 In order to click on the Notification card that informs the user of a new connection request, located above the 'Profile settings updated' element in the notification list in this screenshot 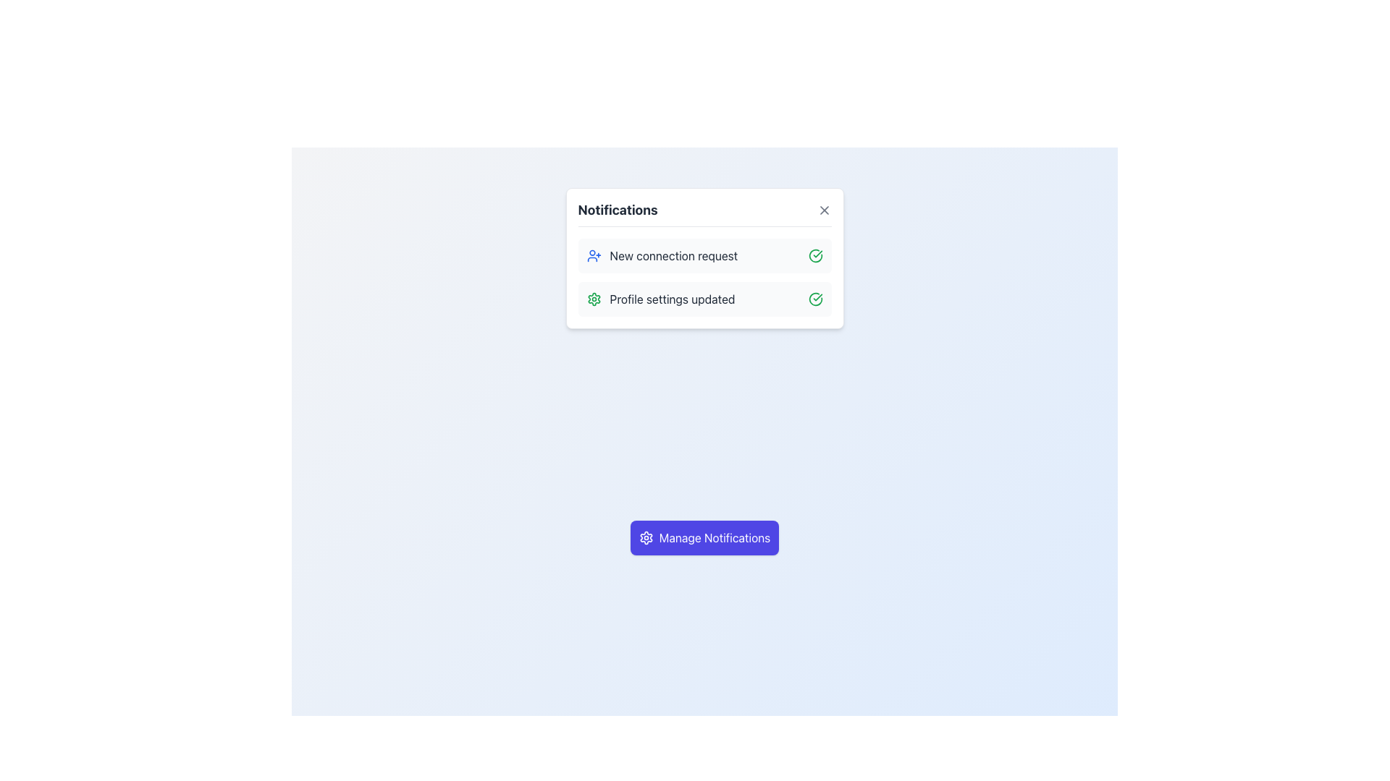, I will do `click(704, 255)`.